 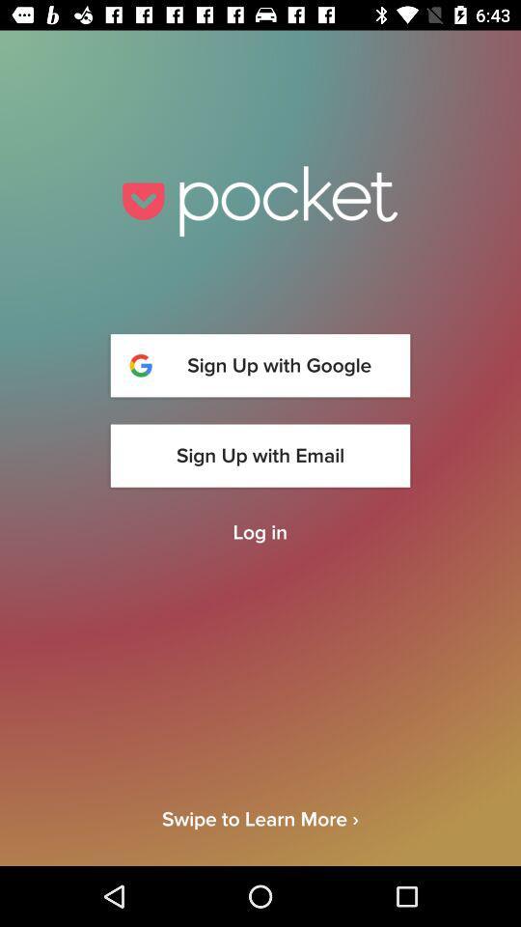 What do you see at coordinates (260, 532) in the screenshot?
I see `the item below sign up with icon` at bounding box center [260, 532].